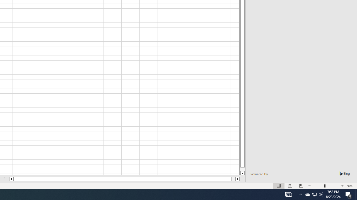 The image size is (357, 200). Describe the element at coordinates (279, 186) in the screenshot. I see `'Normal'` at that location.